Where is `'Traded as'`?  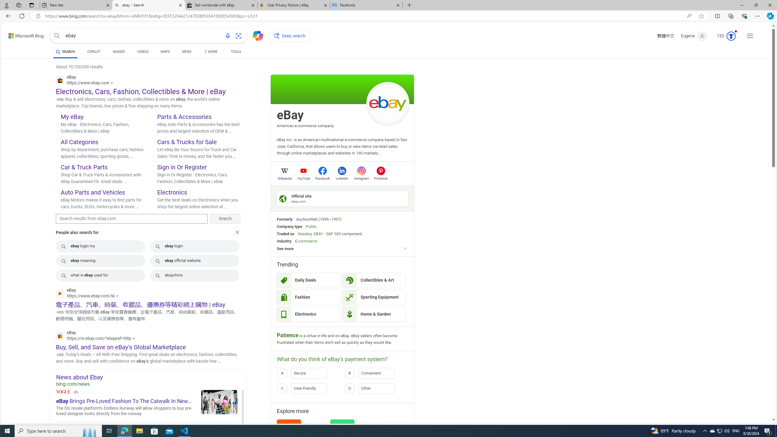 'Traded as' is located at coordinates (285, 233).